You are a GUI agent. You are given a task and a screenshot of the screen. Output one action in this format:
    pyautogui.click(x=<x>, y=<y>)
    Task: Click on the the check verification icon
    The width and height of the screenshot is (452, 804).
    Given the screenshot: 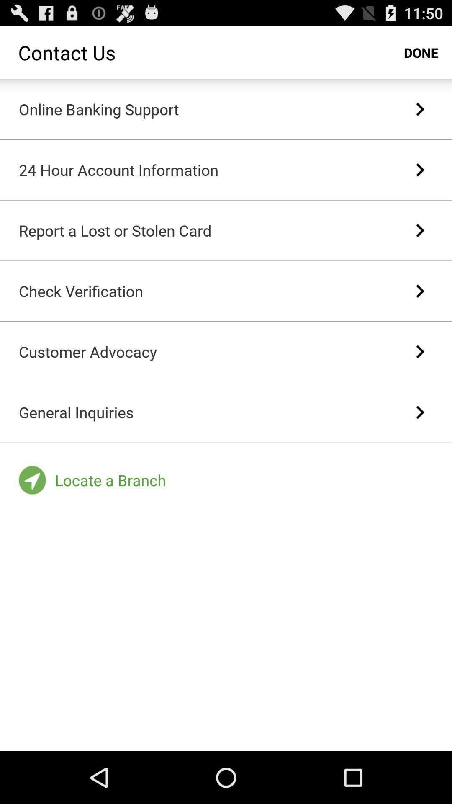 What is the action you would take?
    pyautogui.click(x=81, y=291)
    